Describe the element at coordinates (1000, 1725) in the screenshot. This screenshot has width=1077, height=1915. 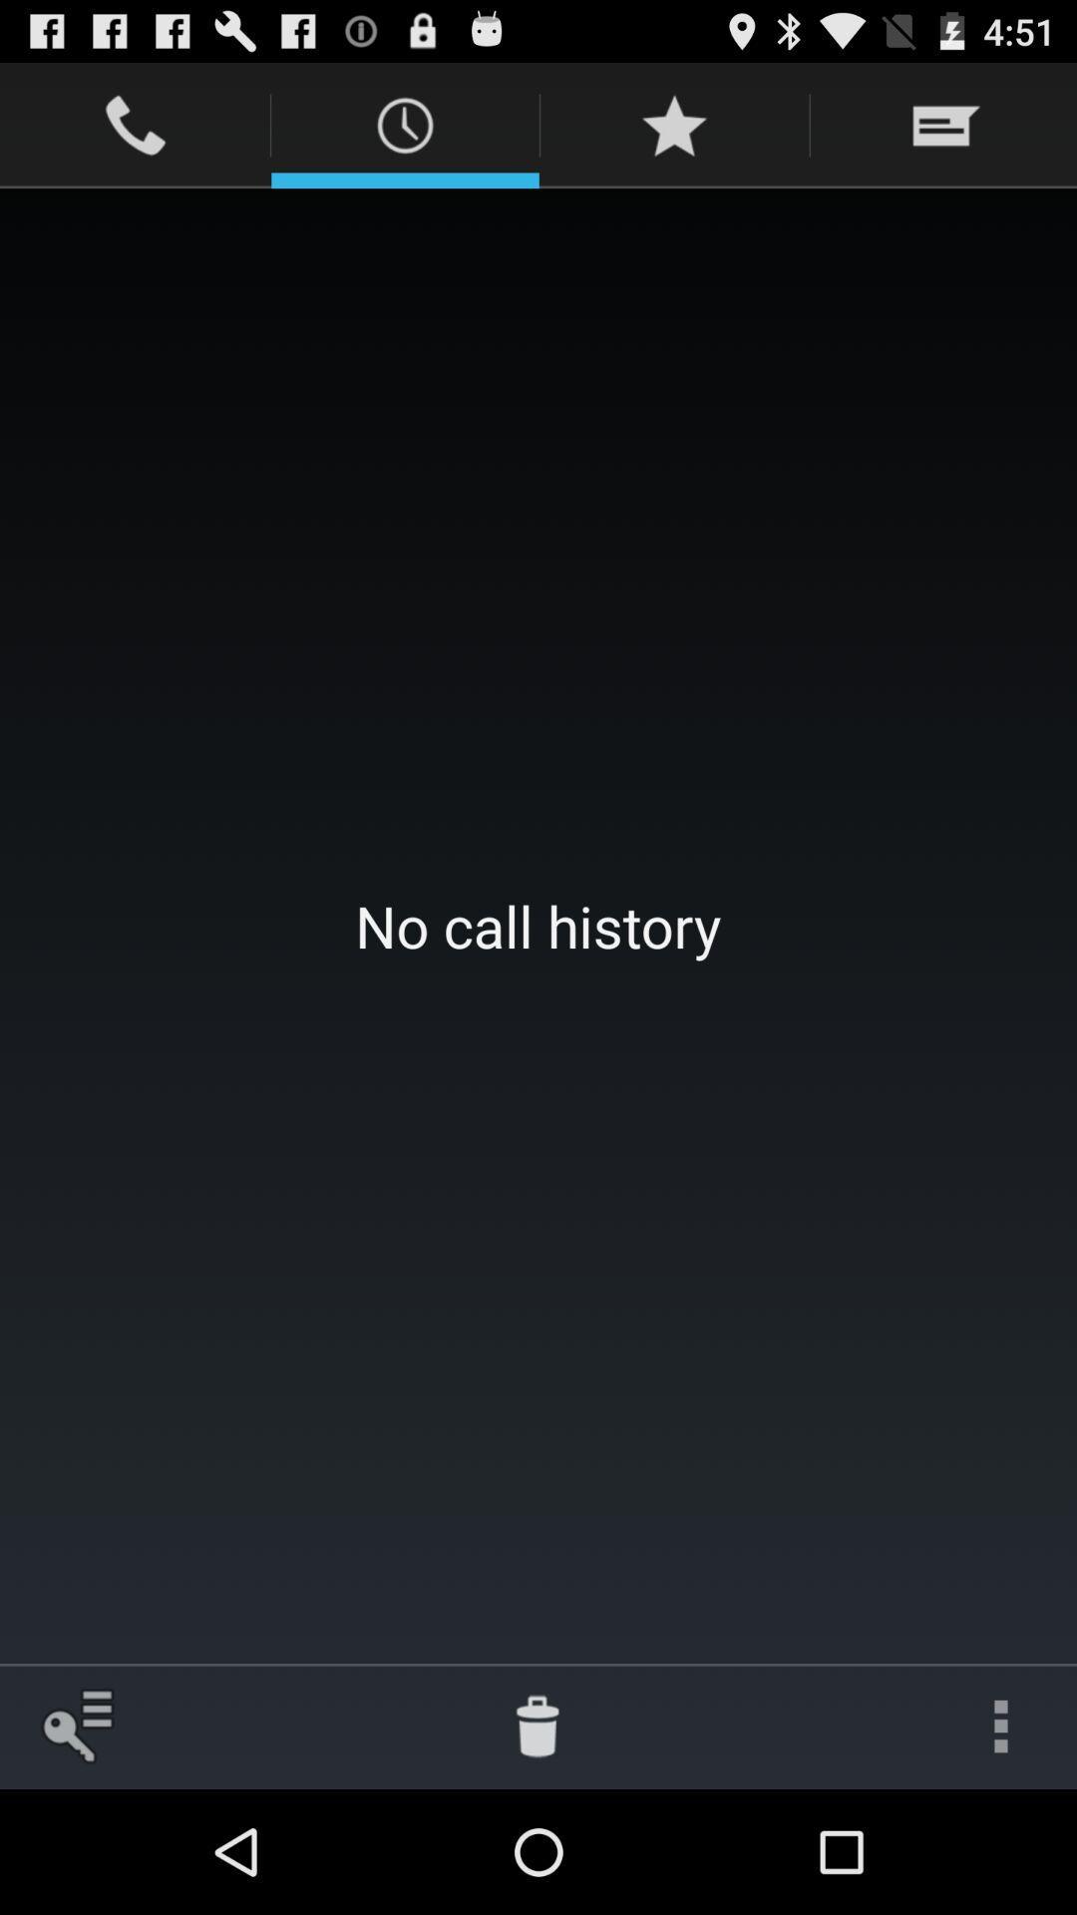
I see `icon at the bottom right corner` at that location.